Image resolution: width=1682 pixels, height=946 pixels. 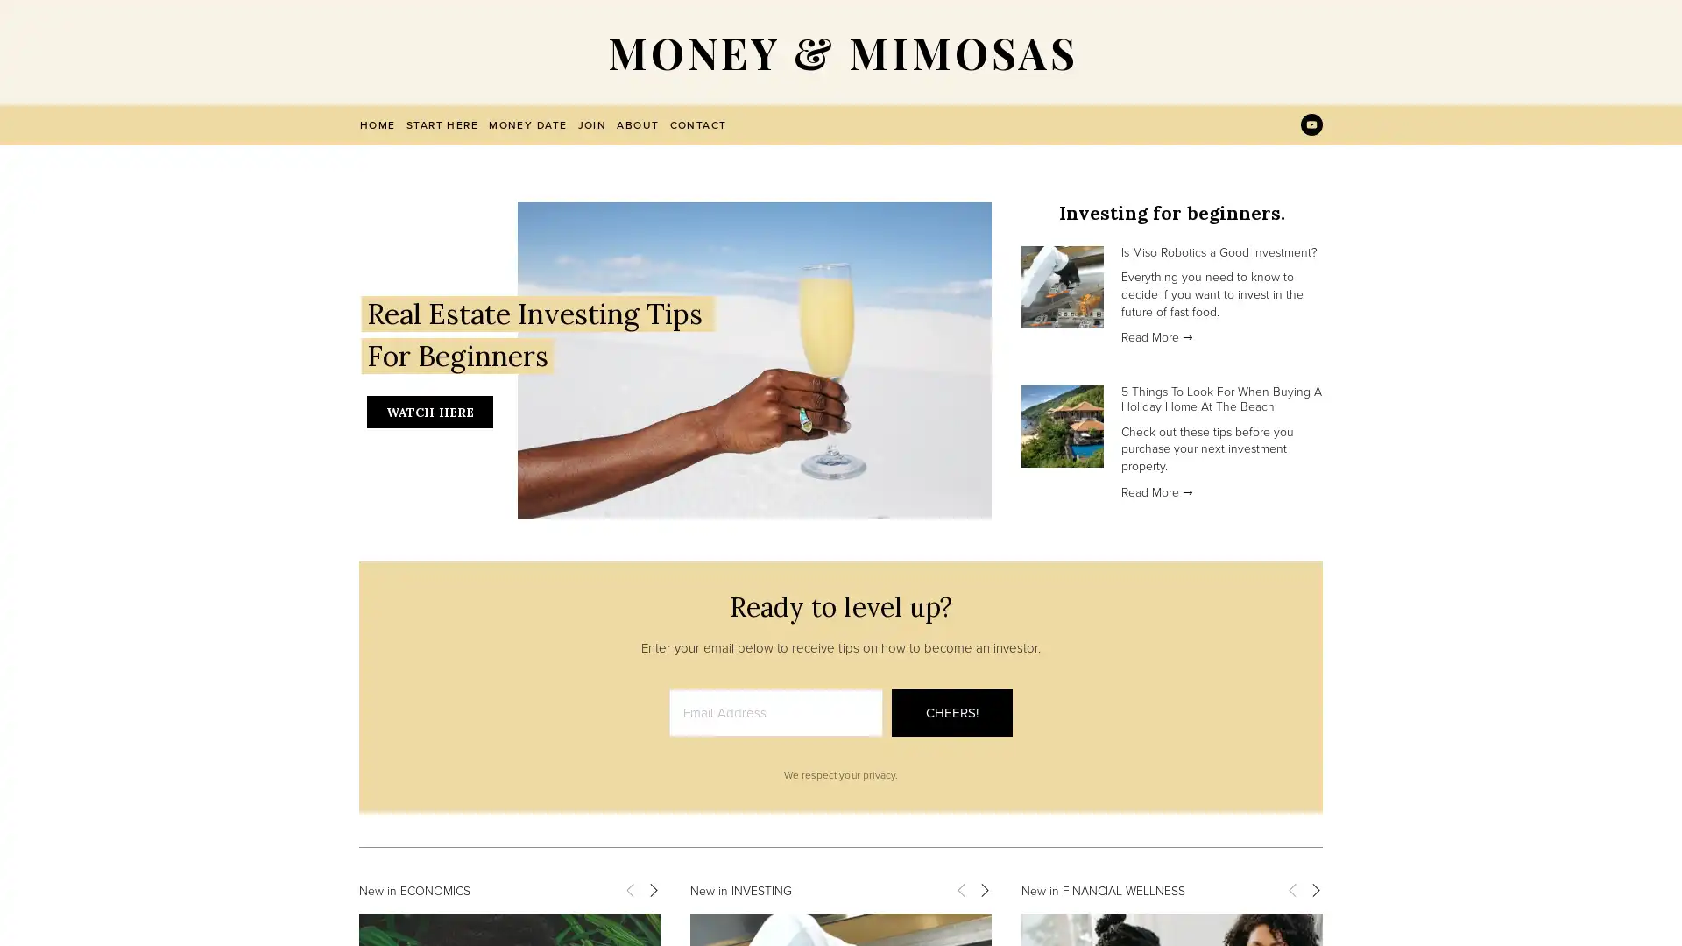 I want to click on Previous, so click(x=960, y=888).